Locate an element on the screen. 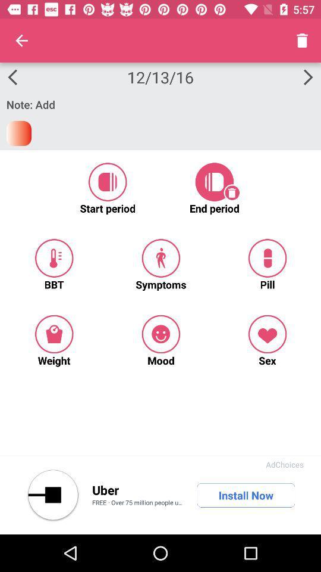  the item next to uber item is located at coordinates (52, 495).